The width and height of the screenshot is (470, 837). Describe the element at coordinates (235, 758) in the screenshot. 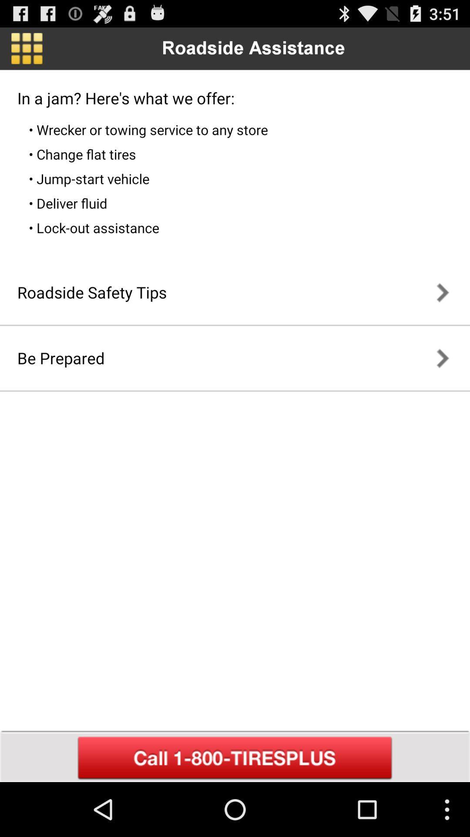

I see `call for assistance` at that location.